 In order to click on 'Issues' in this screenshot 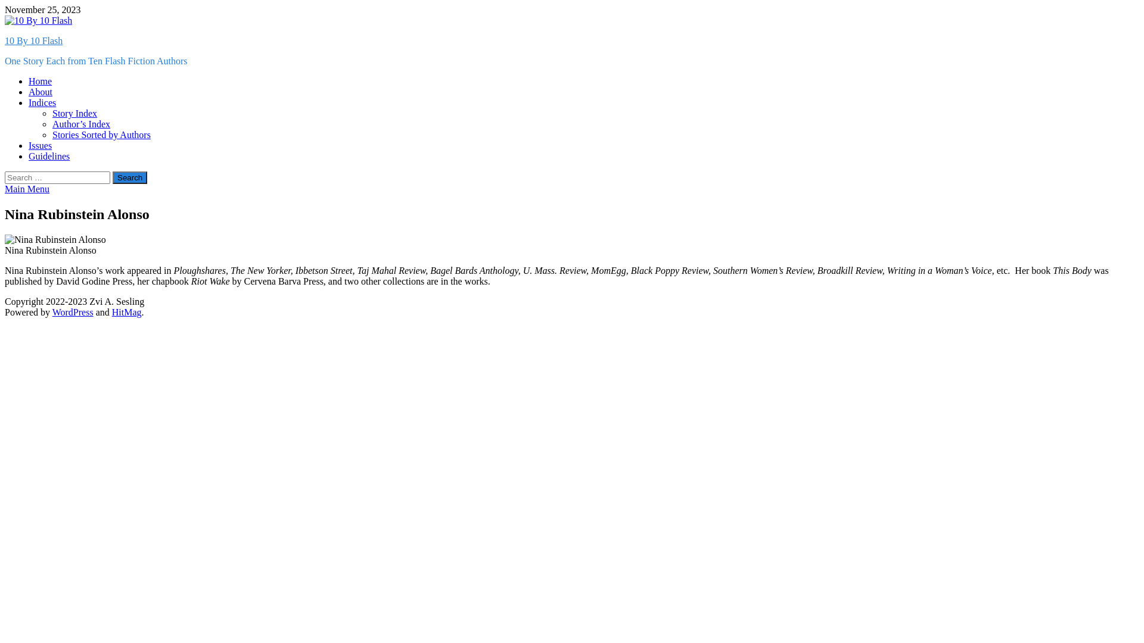, I will do `click(40, 145)`.